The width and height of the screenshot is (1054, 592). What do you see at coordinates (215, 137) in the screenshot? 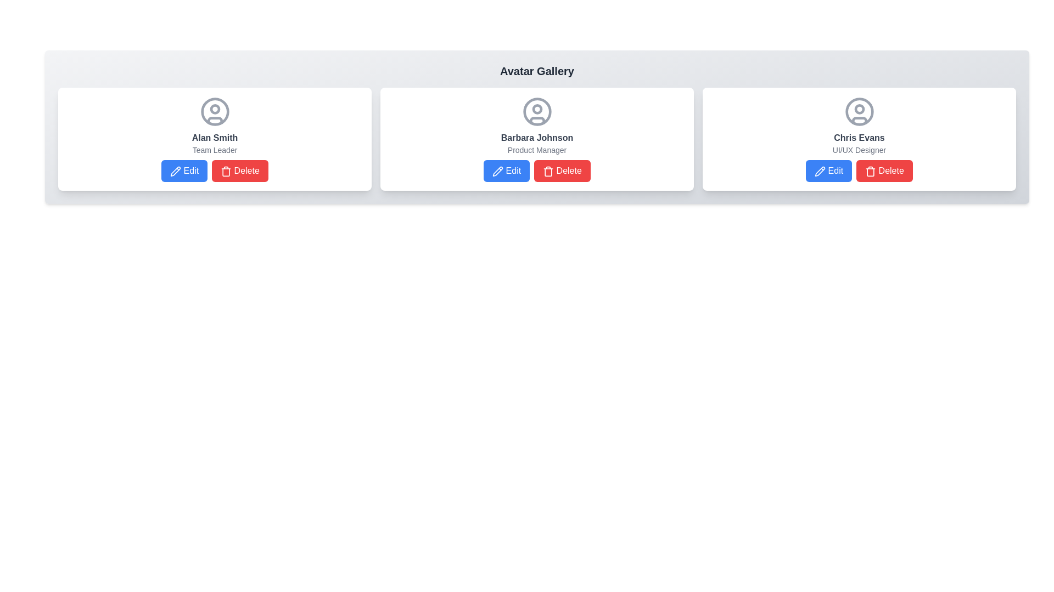
I see `the text label displaying 'Alan Smith' in bold dark gray font, located below the avatar icon and above the 'Team Leader' role description` at bounding box center [215, 137].